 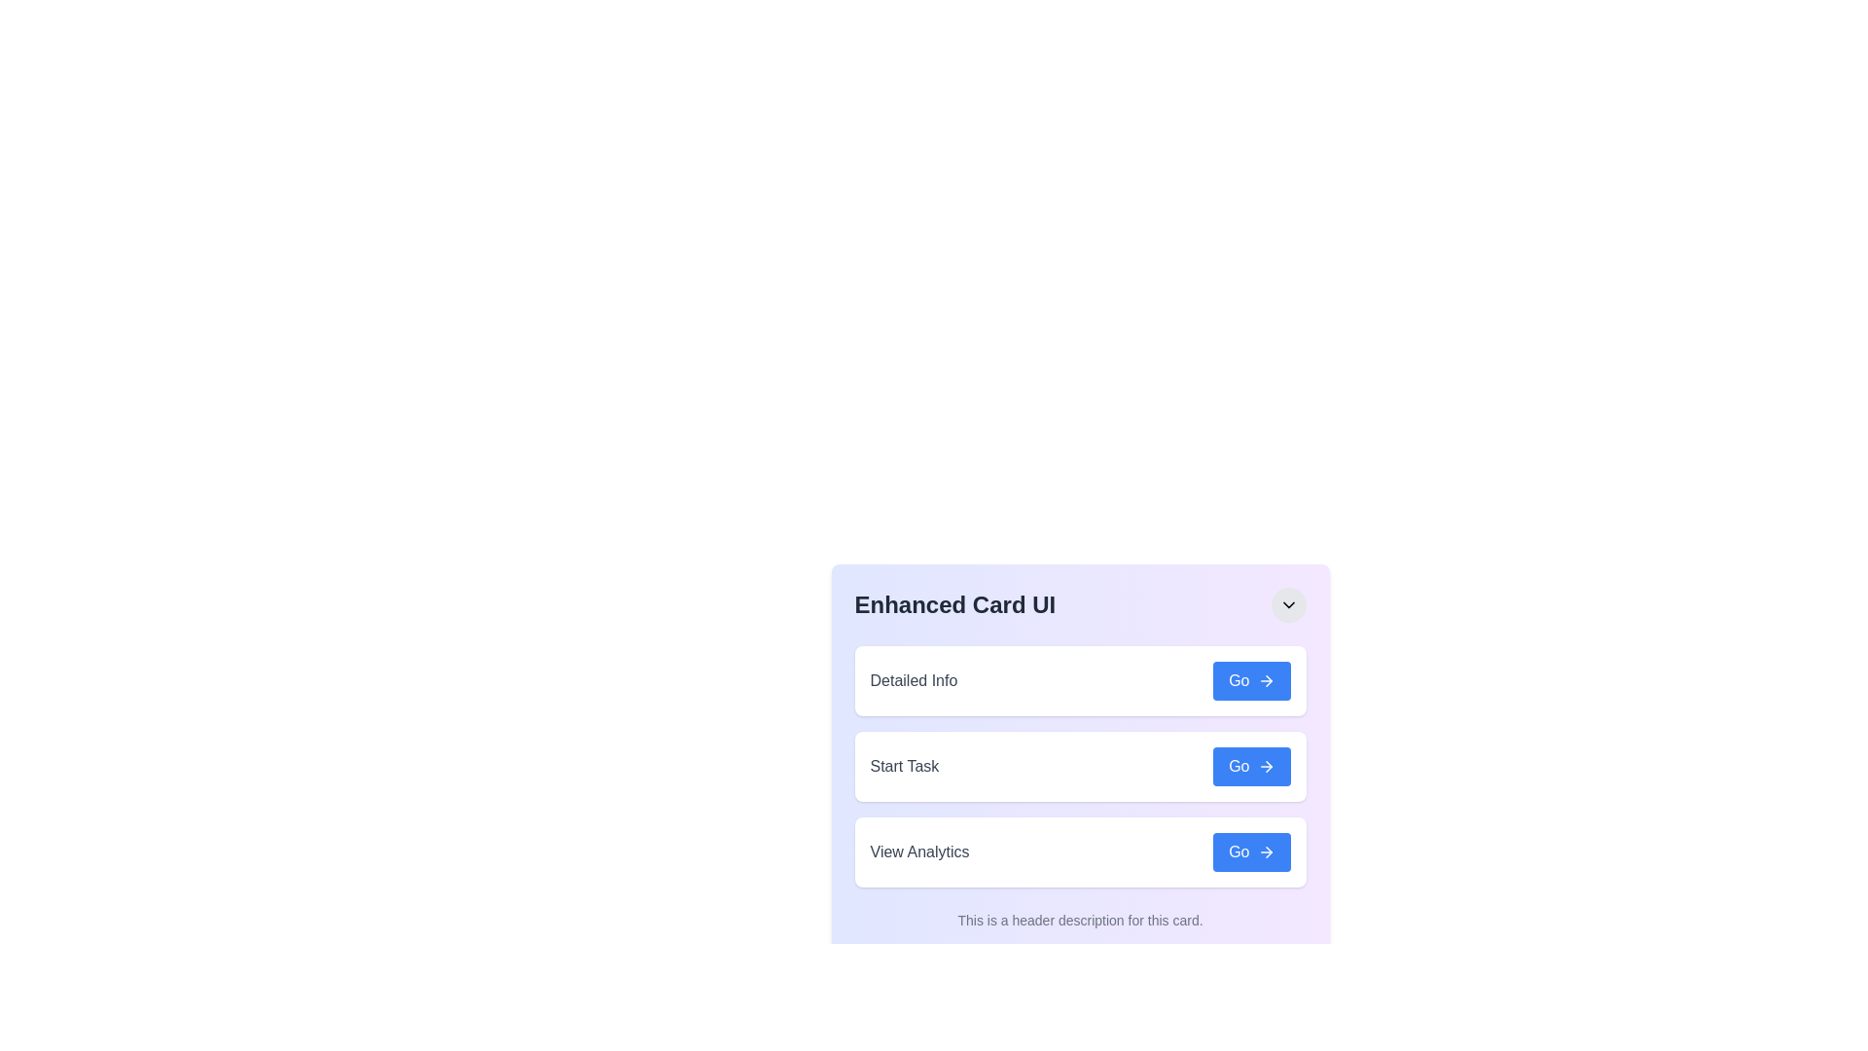 What do you see at coordinates (954, 603) in the screenshot?
I see `the Text Label that displays 'Enhanced Card UI' in a bold, large font and dark gray color, located in the top header section of the card layout` at bounding box center [954, 603].